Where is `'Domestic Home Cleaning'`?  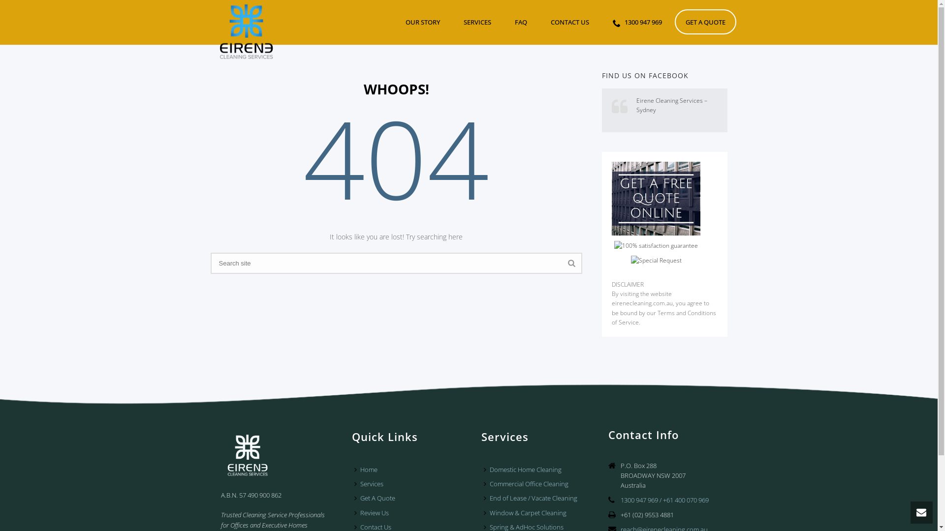 'Domestic Home Cleaning' is located at coordinates (524, 469).